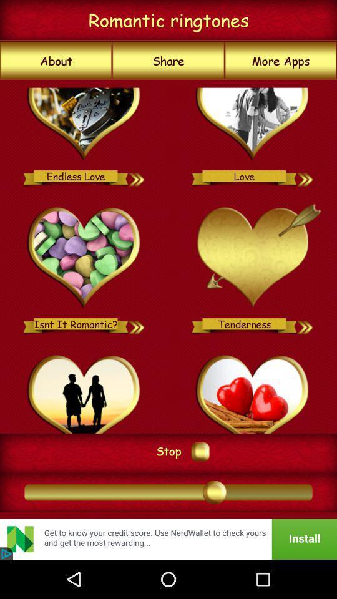 The image size is (337, 599). I want to click on the button at the top left corner, so click(56, 61).